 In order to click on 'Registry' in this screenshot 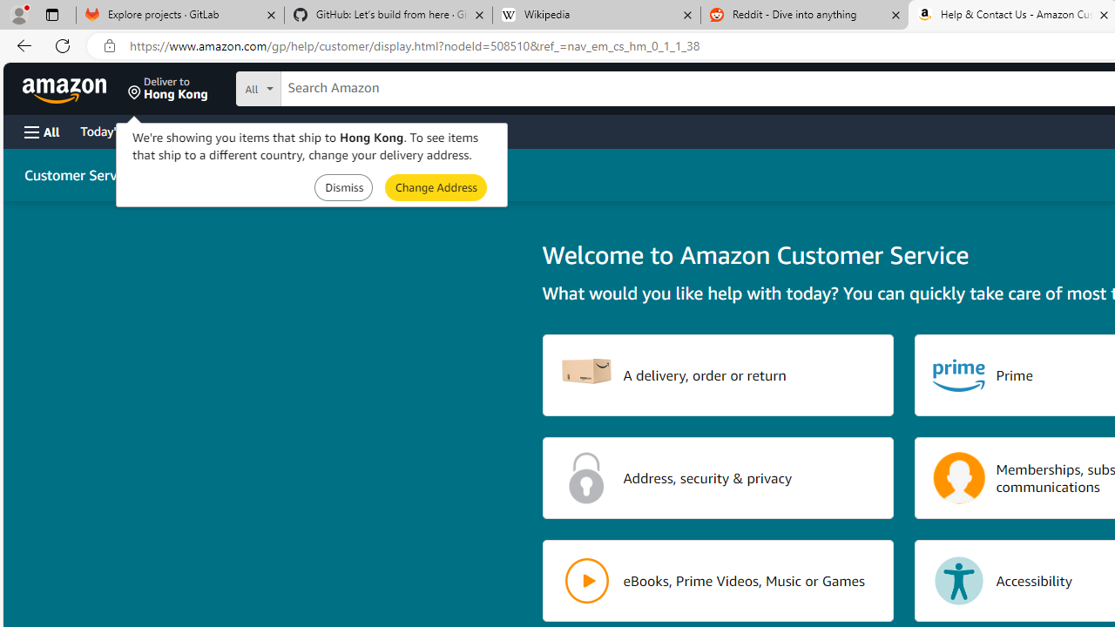, I will do `click(314, 130)`.